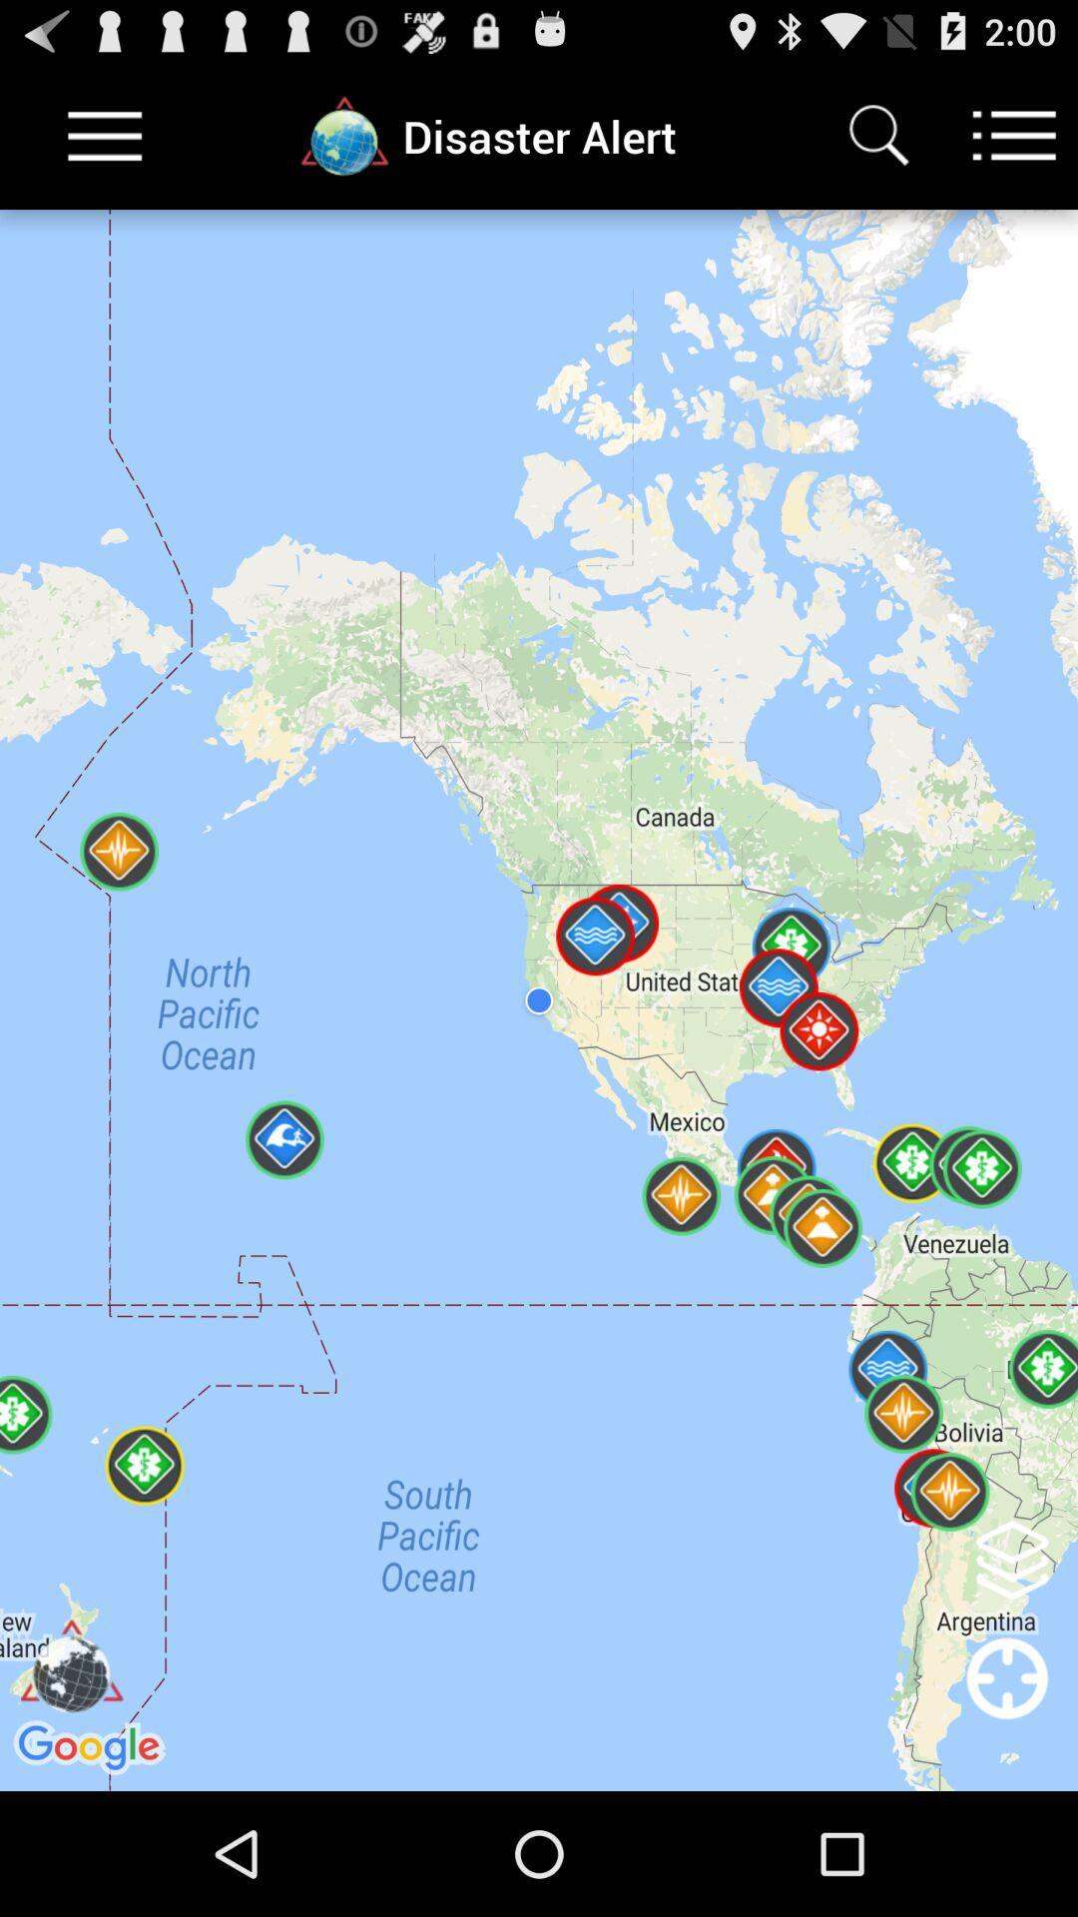 The height and width of the screenshot is (1917, 1078). Describe the element at coordinates (877, 135) in the screenshot. I see `search` at that location.